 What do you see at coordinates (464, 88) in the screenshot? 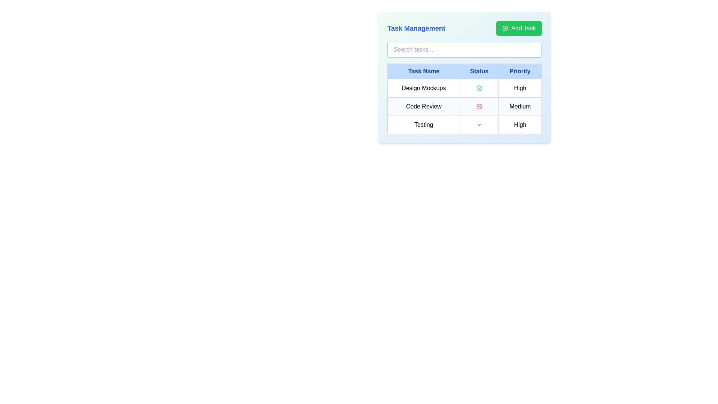
I see `the first row of the task table that displays the task name 'Design Mockups', a green checkmark status indicator, and a priority level of 'High'` at bounding box center [464, 88].